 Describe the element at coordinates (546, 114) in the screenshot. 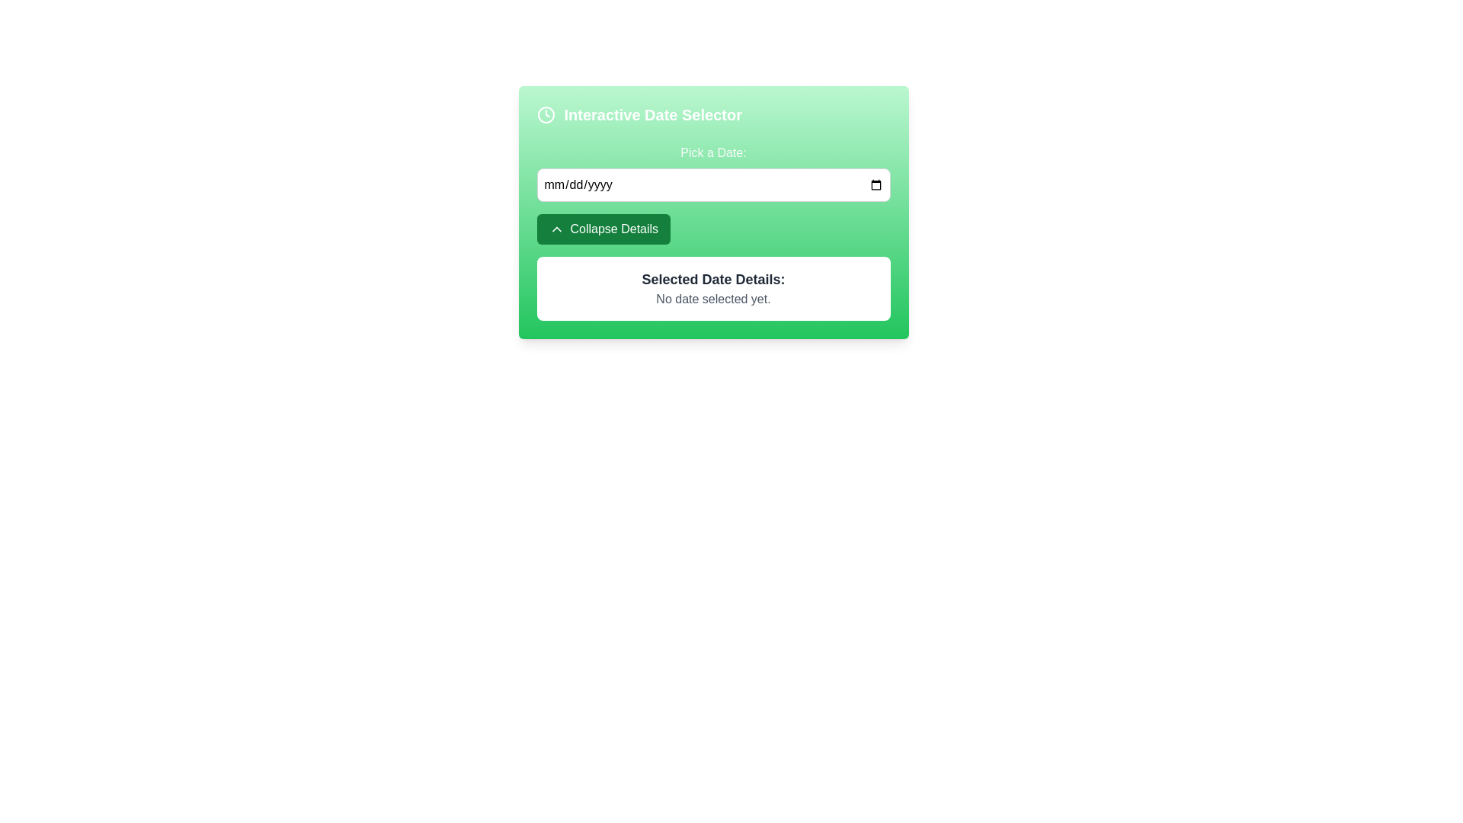

I see `the SVG circle that visually outlines the clock face, located at the center of the clock icon to the left of 'Interactive Date Selector'` at that location.